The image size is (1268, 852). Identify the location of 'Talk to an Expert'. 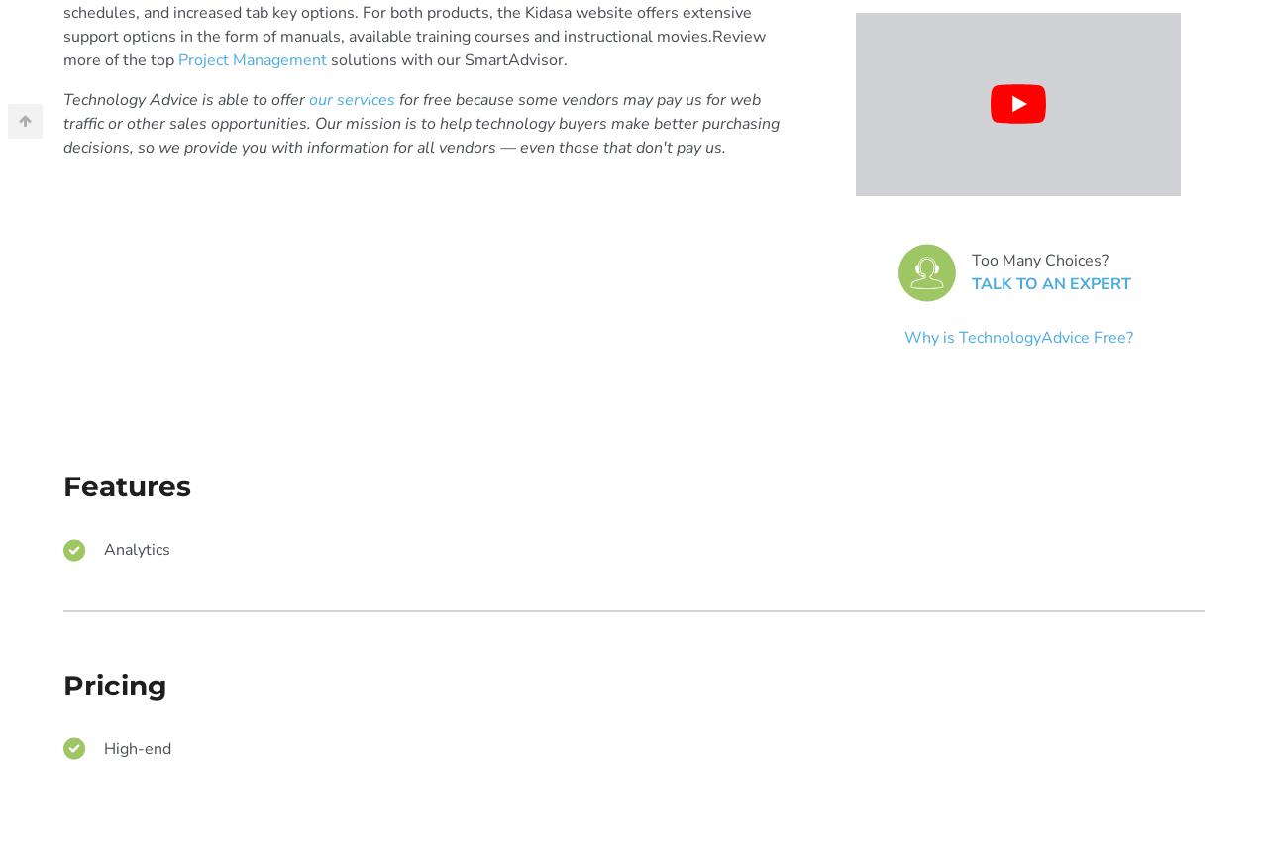
(970, 282).